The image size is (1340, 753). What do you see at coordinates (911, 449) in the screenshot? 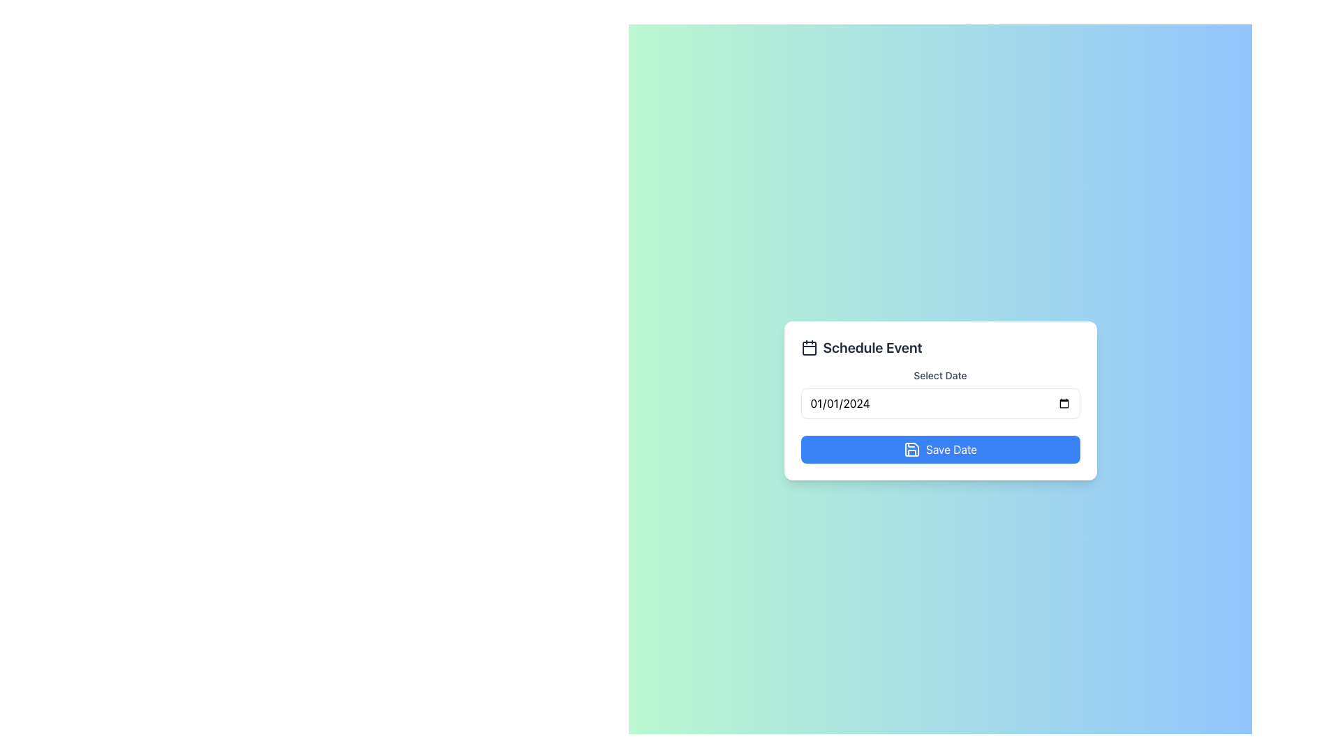
I see `the floppy disk icon indicating the 'Save' function, which is centered within the 'Save Date' button at the bottom of the modal panel` at bounding box center [911, 449].